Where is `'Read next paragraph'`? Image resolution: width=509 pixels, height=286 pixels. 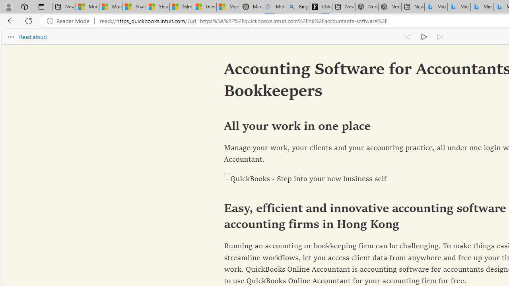 'Read next paragraph' is located at coordinates (439, 37).